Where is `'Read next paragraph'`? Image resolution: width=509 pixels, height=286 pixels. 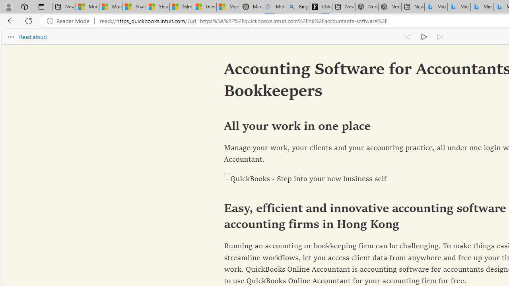 'Read next paragraph' is located at coordinates (439, 37).